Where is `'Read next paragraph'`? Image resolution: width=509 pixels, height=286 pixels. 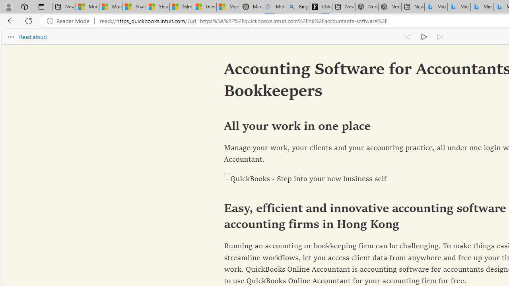 'Read next paragraph' is located at coordinates (439, 37).